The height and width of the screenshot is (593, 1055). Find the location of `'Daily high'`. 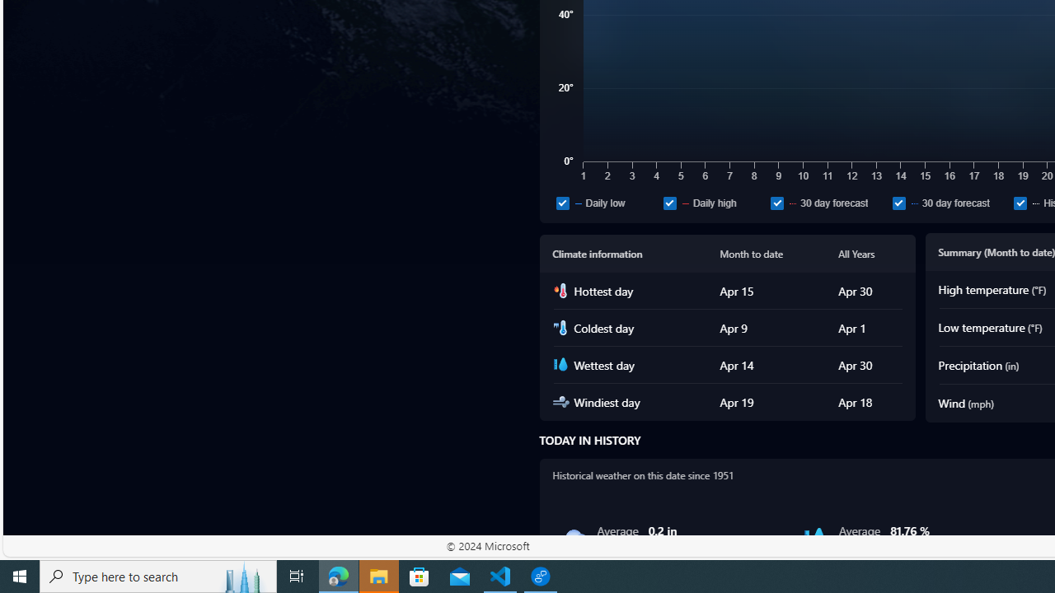

'Daily high' is located at coordinates (713, 202).